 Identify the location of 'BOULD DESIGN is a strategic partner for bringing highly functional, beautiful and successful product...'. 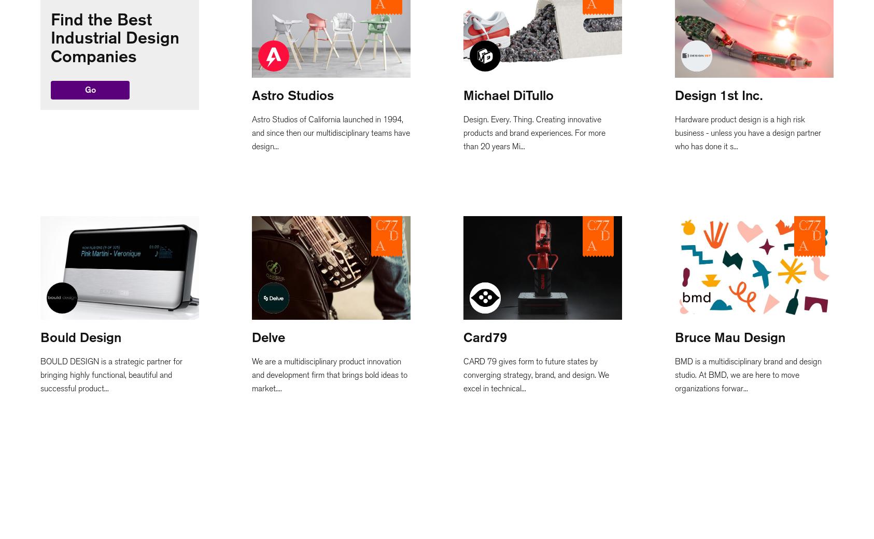
(111, 375).